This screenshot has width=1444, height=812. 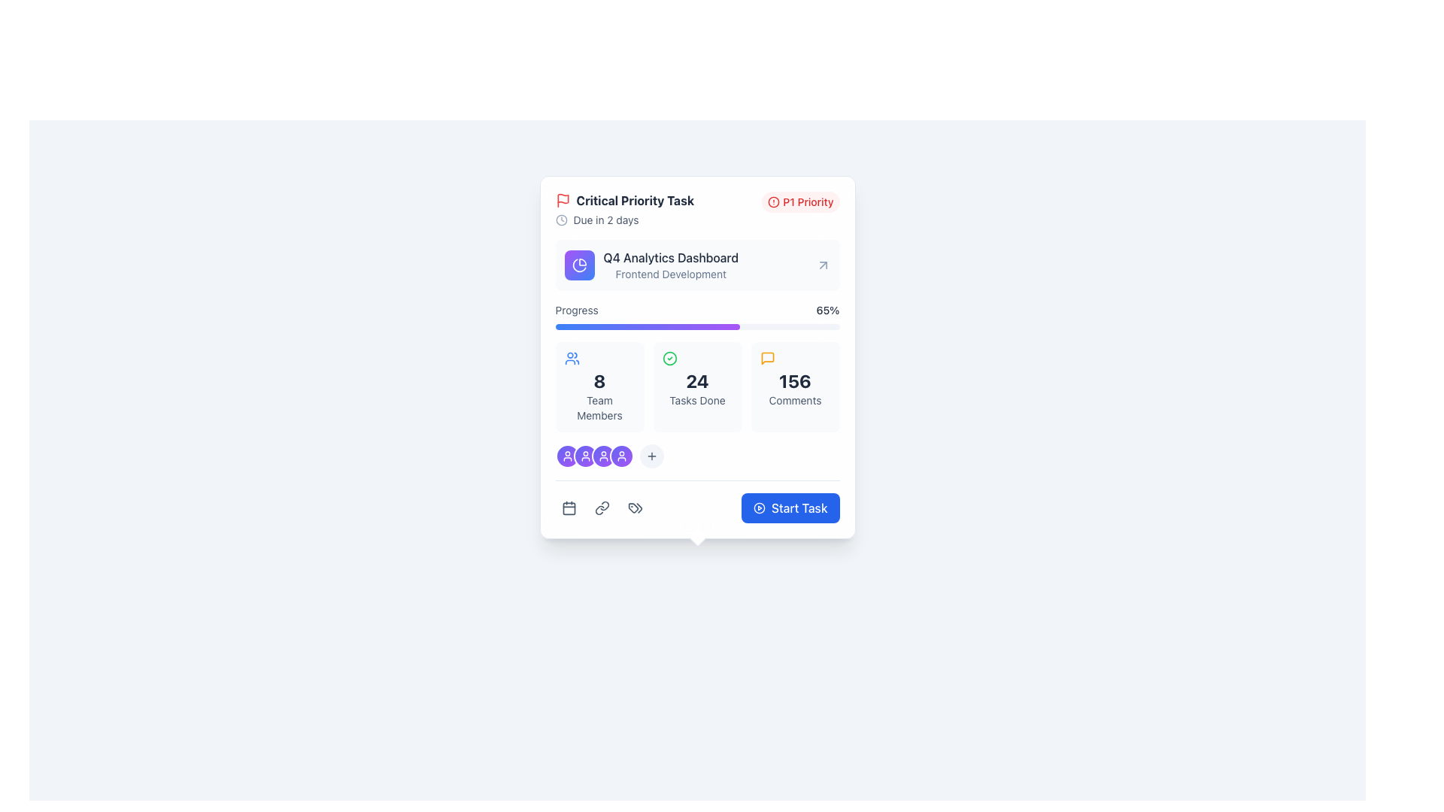 I want to click on the circular user icon with a gradient background transitioning from indigo to purple, featuring a white outline of a user figure, located as the second icon from the left in a horizontal group of similar icons near the bottom-middle section of the card interface, so click(x=584, y=455).